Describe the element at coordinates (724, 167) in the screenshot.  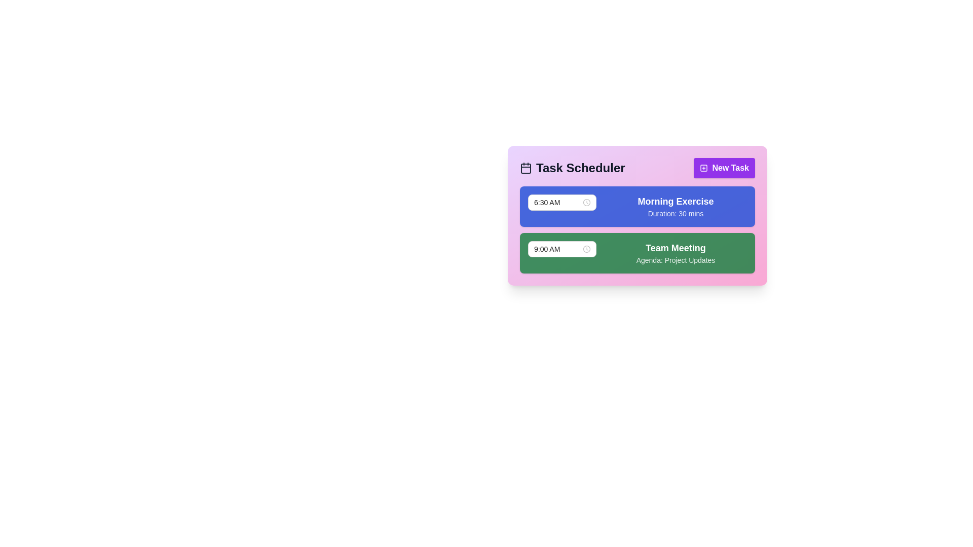
I see `the 'New Task' button, which is a purple rectangular button with rounded corners and the text 'New Task' in bold white font, to observe a color change` at that location.